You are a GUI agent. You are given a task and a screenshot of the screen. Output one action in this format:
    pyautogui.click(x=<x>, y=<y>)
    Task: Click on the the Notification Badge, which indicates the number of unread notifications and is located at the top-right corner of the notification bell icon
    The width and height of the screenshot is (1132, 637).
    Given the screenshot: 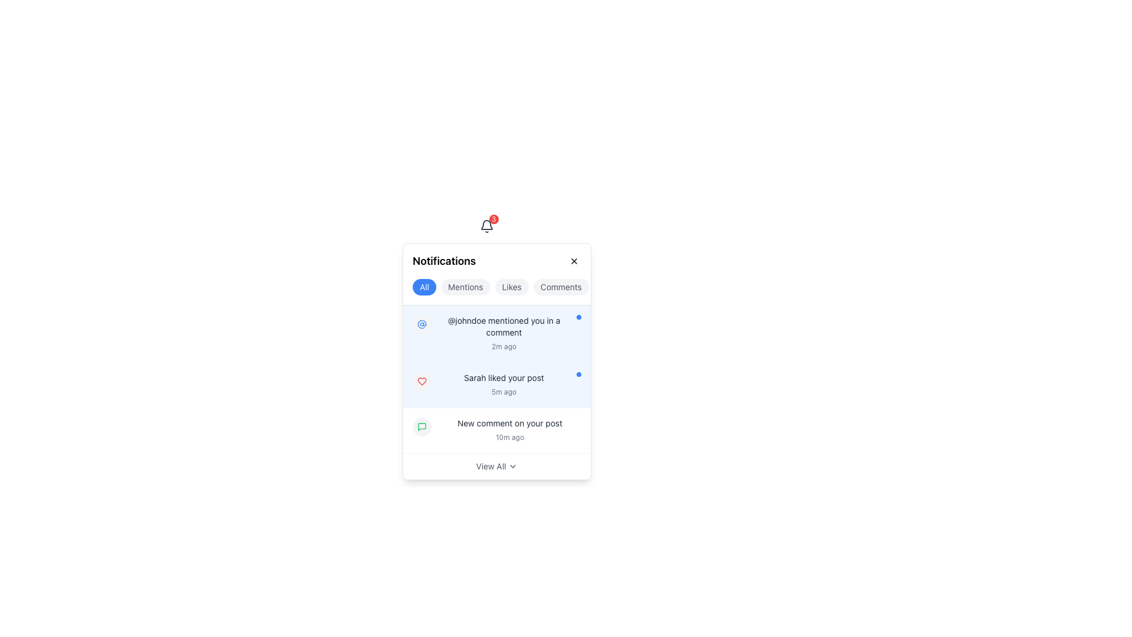 What is the action you would take?
    pyautogui.click(x=493, y=219)
    